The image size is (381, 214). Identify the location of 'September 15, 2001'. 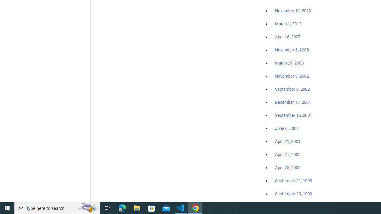
(293, 115).